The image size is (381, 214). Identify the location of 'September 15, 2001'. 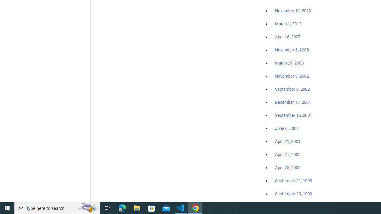
(293, 115).